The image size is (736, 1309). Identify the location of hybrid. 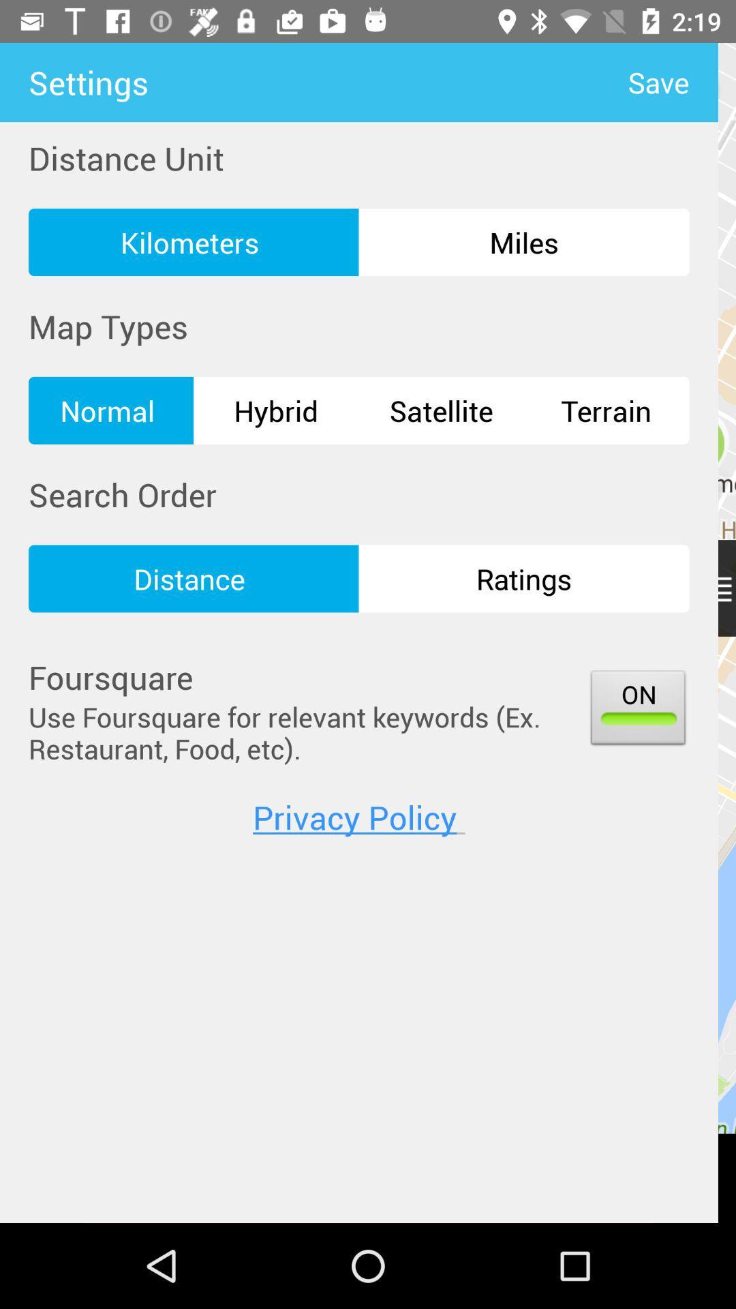
(276, 410).